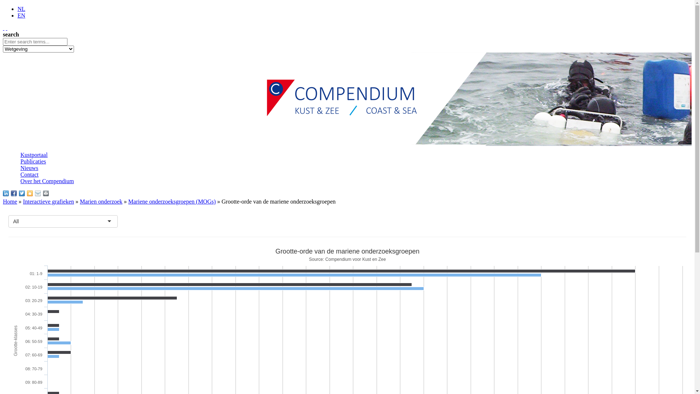 The width and height of the screenshot is (700, 394). I want to click on 'Over het Compendium', so click(47, 181).